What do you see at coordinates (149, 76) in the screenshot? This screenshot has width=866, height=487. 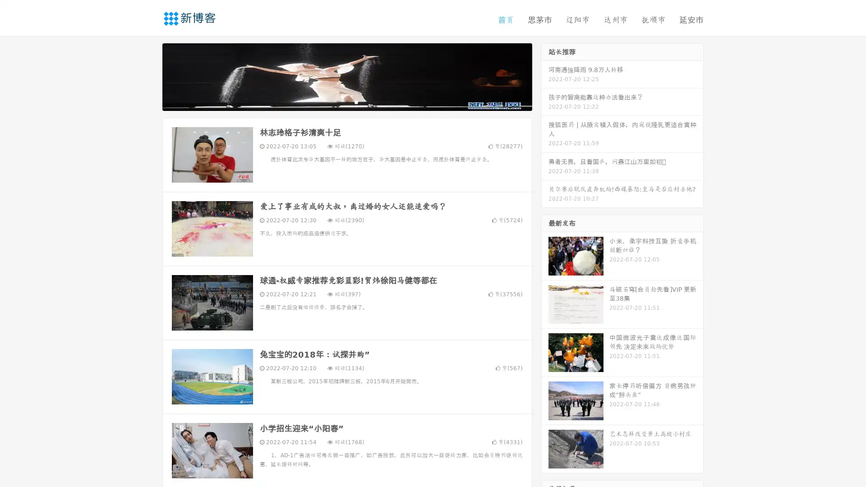 I see `Previous slide` at bounding box center [149, 76].